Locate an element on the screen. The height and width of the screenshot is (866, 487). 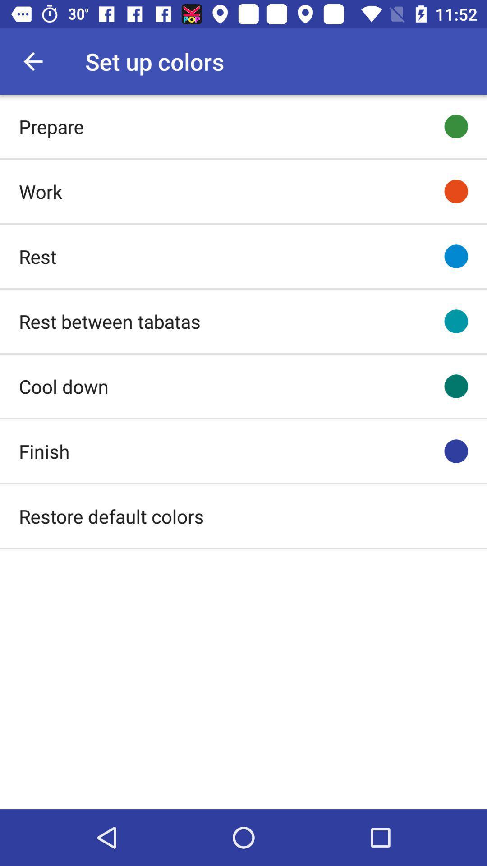
the item above prepare item is located at coordinates (32, 61).